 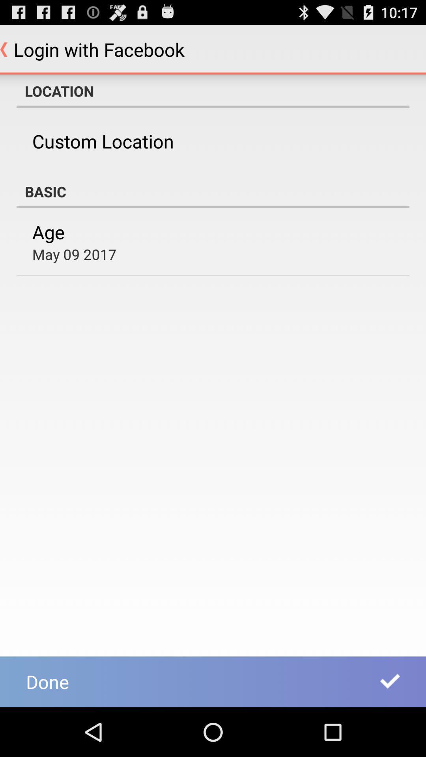 What do you see at coordinates (48, 231) in the screenshot?
I see `age icon` at bounding box center [48, 231].